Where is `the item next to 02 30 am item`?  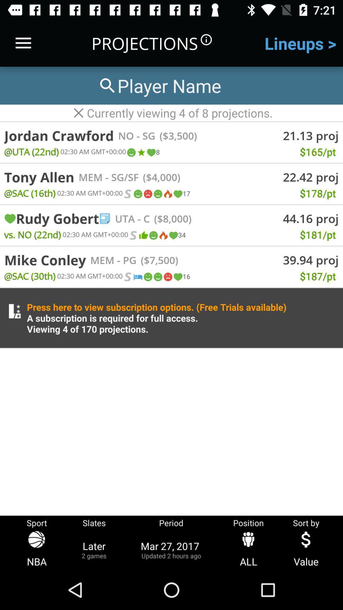
the item next to 02 30 am item is located at coordinates (133, 235).